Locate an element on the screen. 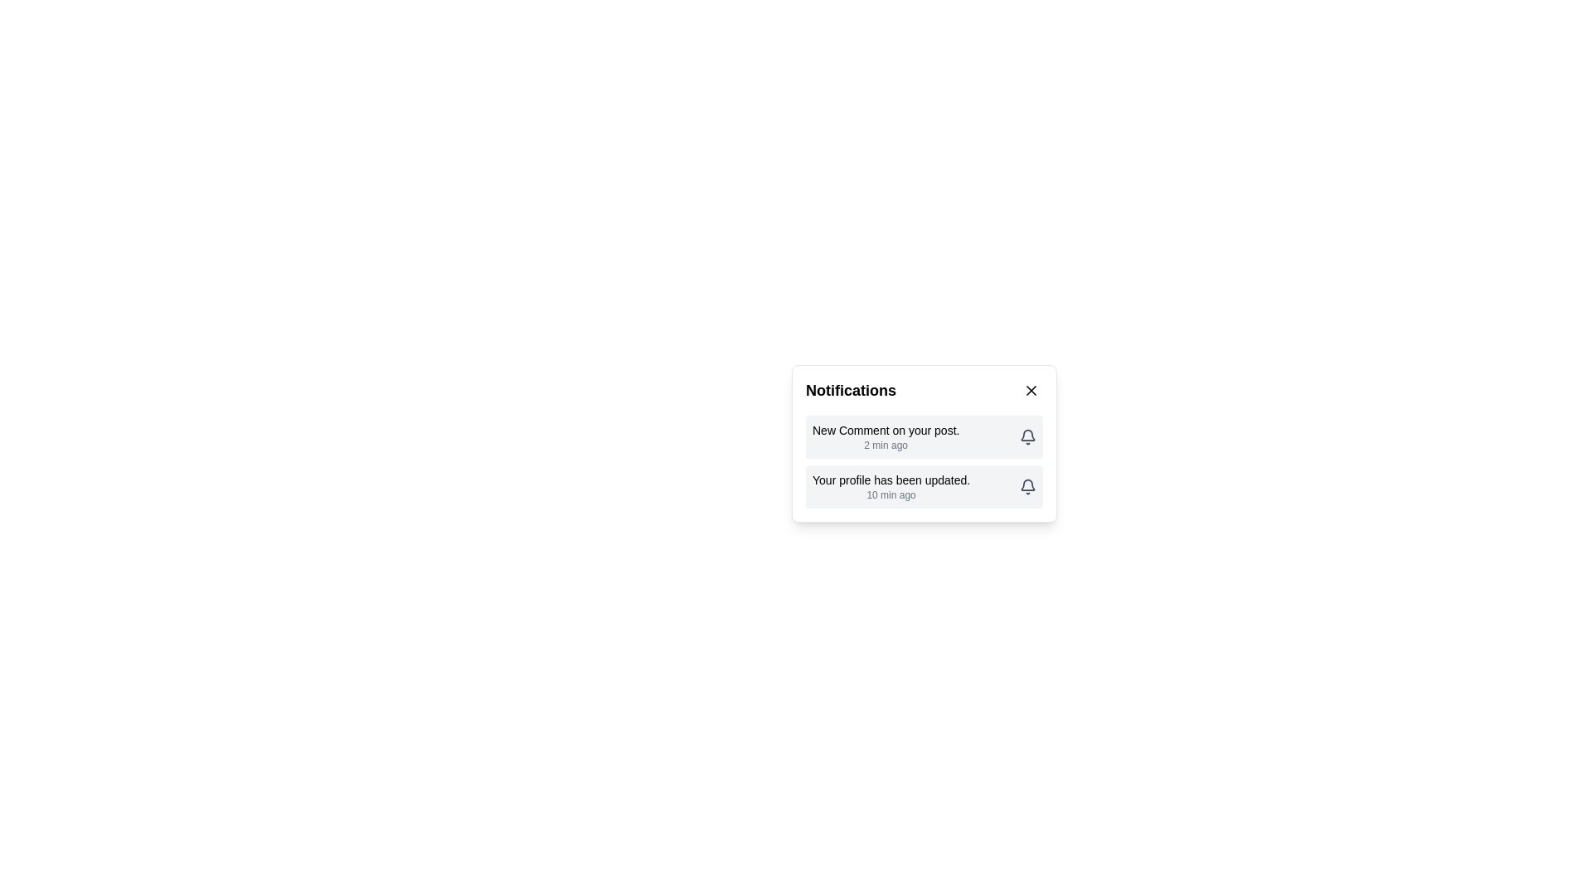  the first notification card in the notification list, which contains the text 'New Comment on your post.' and a bell-shaped icon is located at coordinates (923, 436).